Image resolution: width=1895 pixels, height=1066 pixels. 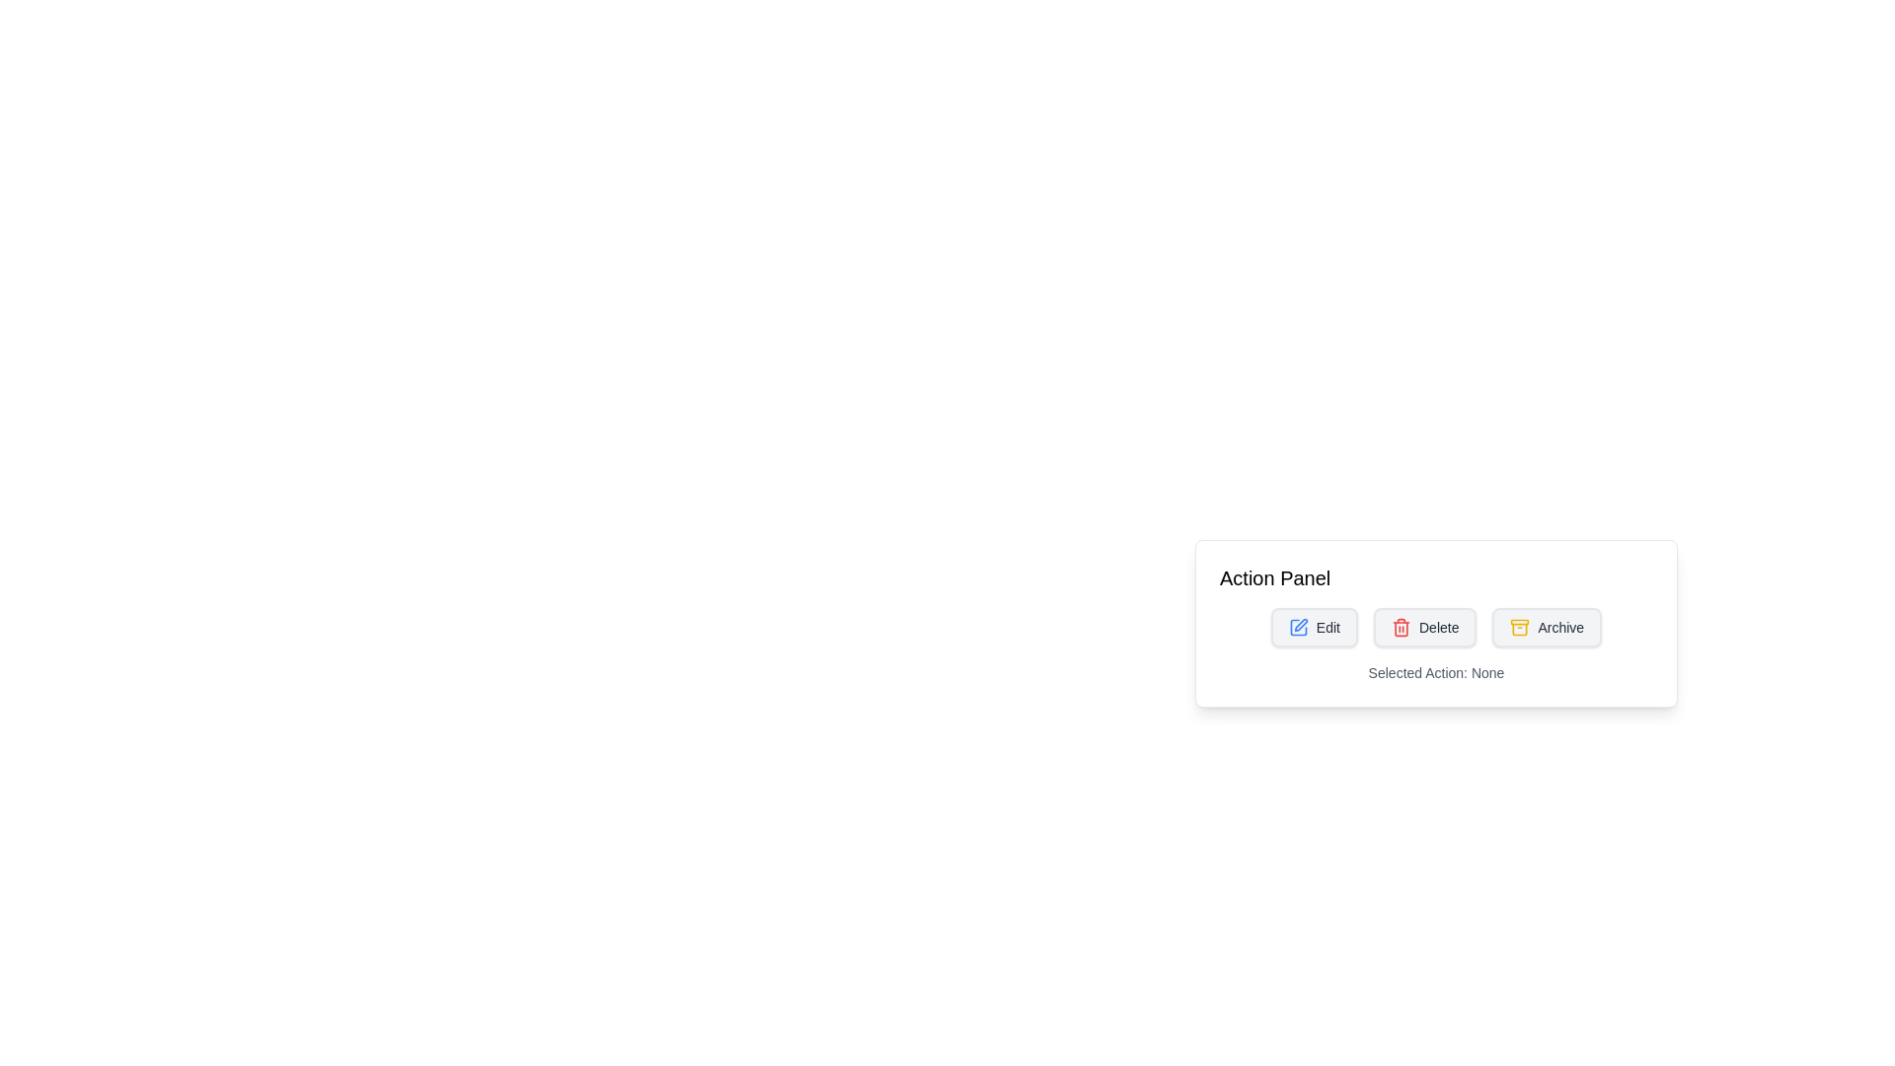 What do you see at coordinates (1559, 628) in the screenshot?
I see `the 'Archive' text label within the button located at the bottom right of the 'Action Panel' section` at bounding box center [1559, 628].